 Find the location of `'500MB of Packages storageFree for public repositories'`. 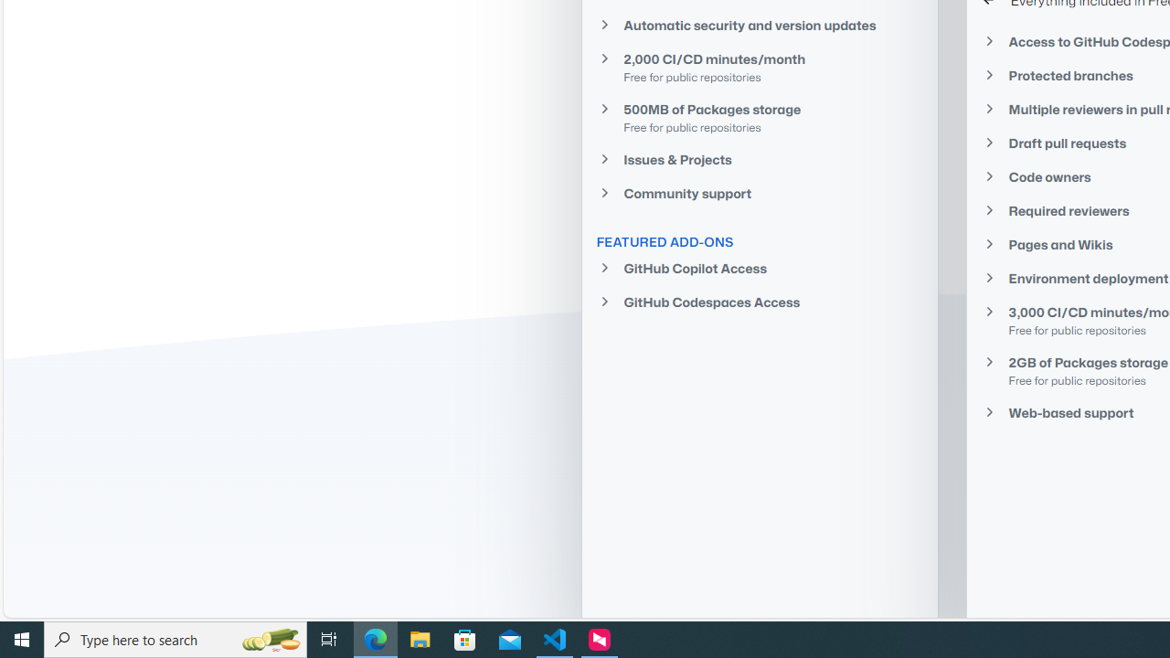

'500MB of Packages storageFree for public repositories' is located at coordinates (759, 117).